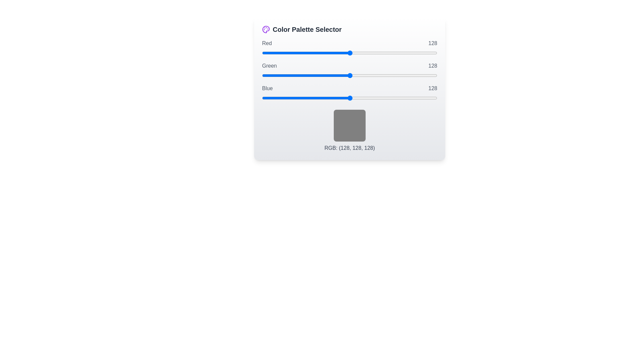 Image resolution: width=637 pixels, height=358 pixels. Describe the element at coordinates (349, 52) in the screenshot. I see `the 0 slider to 105 to observe the color preview box update` at that location.